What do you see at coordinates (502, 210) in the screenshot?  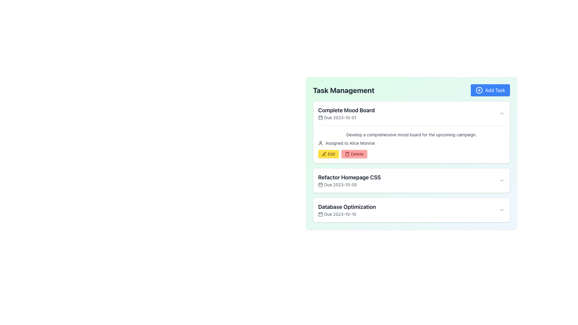 I see `the Dropdown toggle icon, which is a downward-pointing chevron arrow located to the right of the 'Database Optimization' task` at bounding box center [502, 210].